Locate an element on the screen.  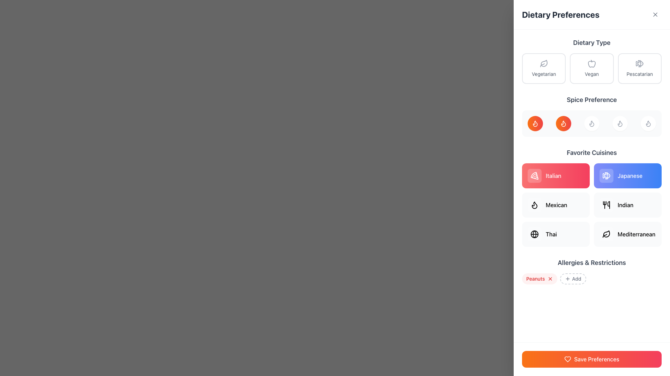
the 'Thai' cuisine text label in the 'Favorite Cuisines' section is located at coordinates (551, 234).